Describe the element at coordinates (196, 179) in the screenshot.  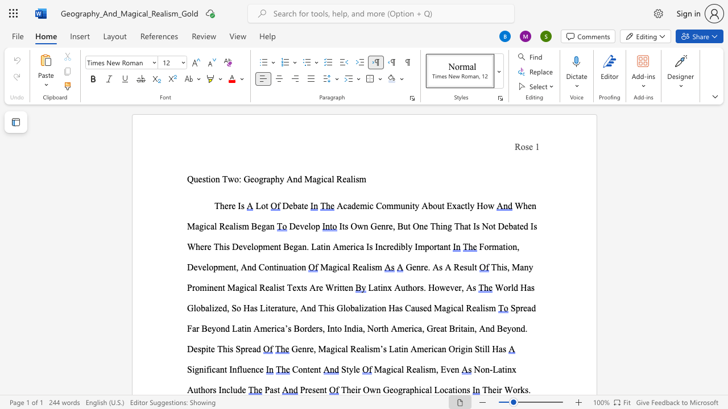
I see `the 1th character "u" in the text` at that location.